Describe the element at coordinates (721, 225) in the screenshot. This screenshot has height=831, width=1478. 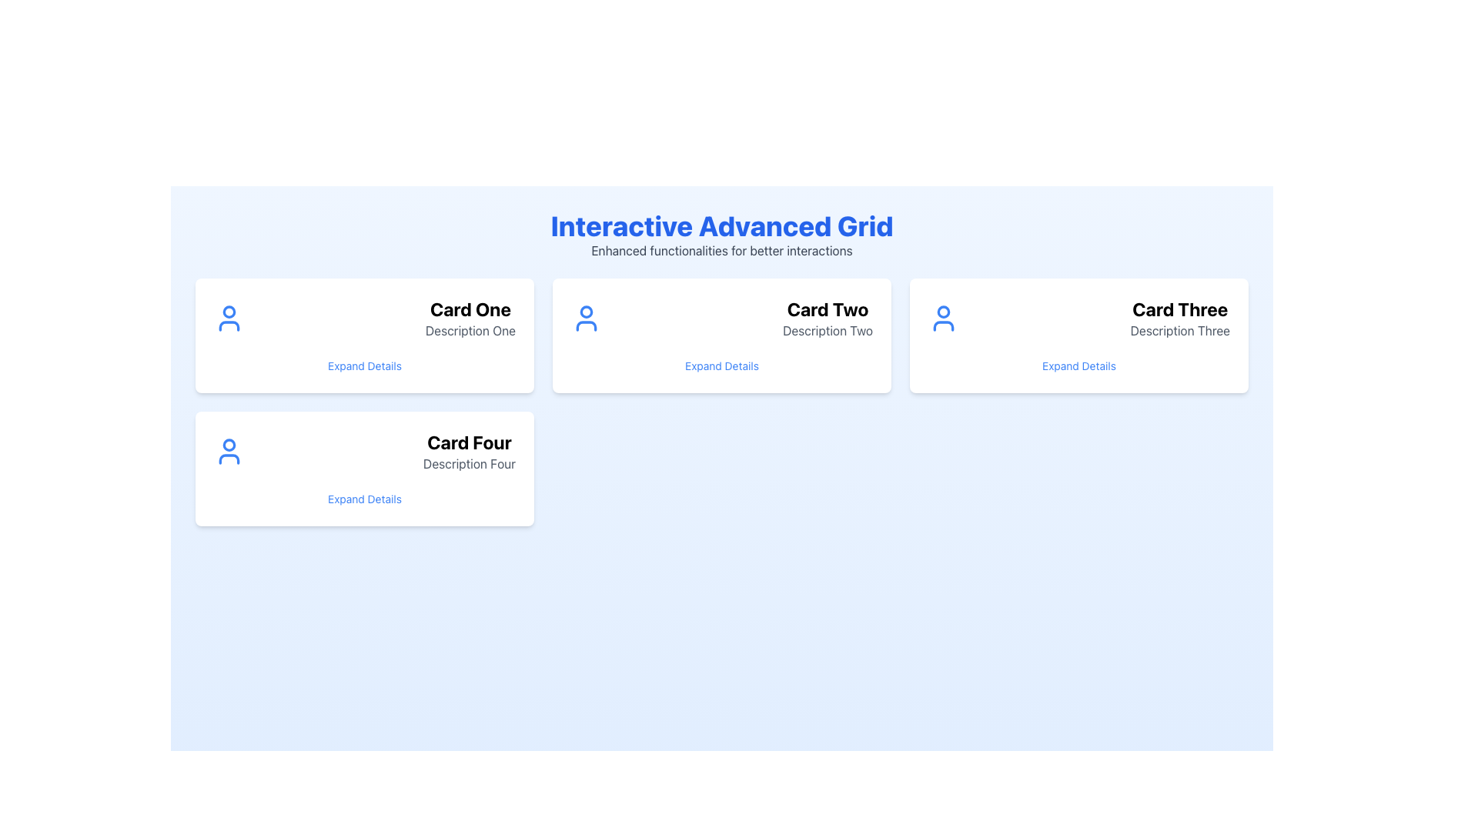
I see `main title text located at the top center of the page, which serves as a heading for the section about an interactive advanced grid` at that location.